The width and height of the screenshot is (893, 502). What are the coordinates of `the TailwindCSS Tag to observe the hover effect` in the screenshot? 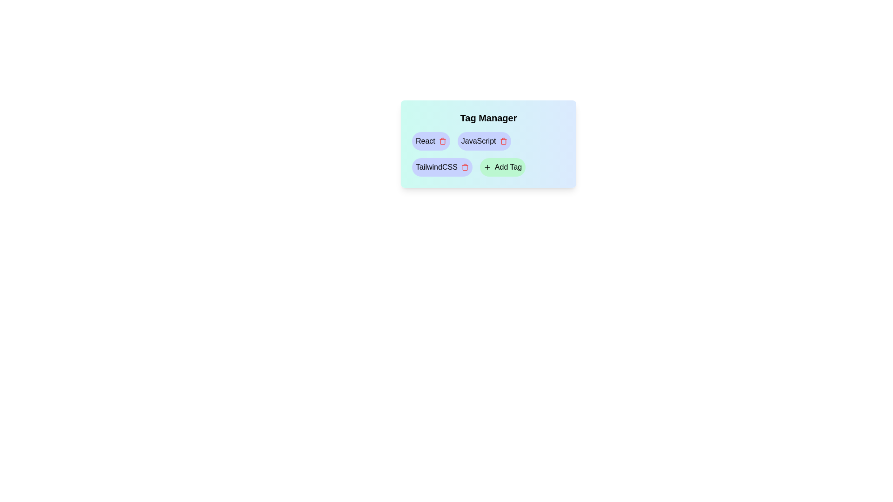 It's located at (441, 166).